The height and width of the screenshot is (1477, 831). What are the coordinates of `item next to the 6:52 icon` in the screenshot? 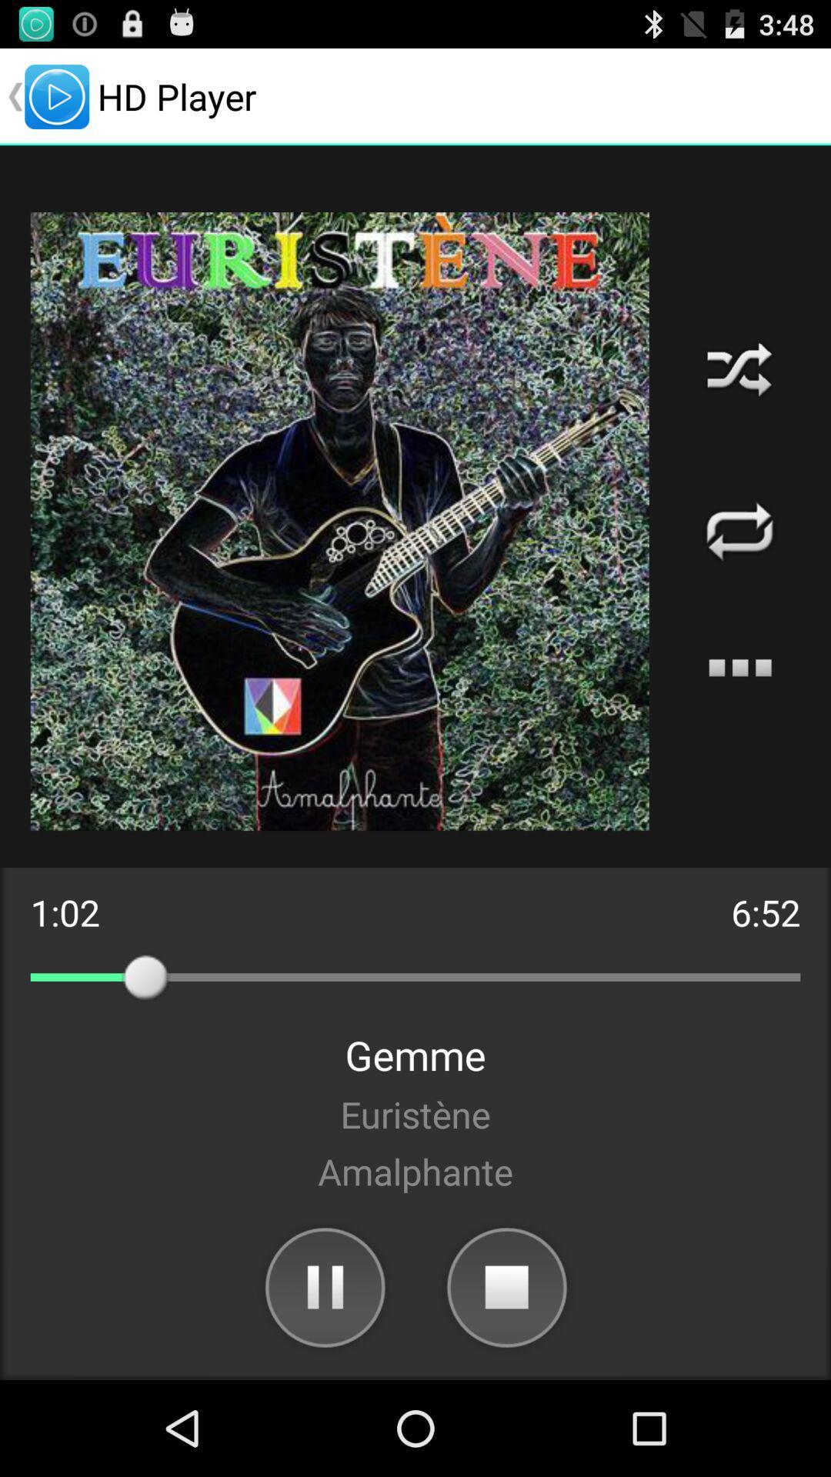 It's located at (64, 912).